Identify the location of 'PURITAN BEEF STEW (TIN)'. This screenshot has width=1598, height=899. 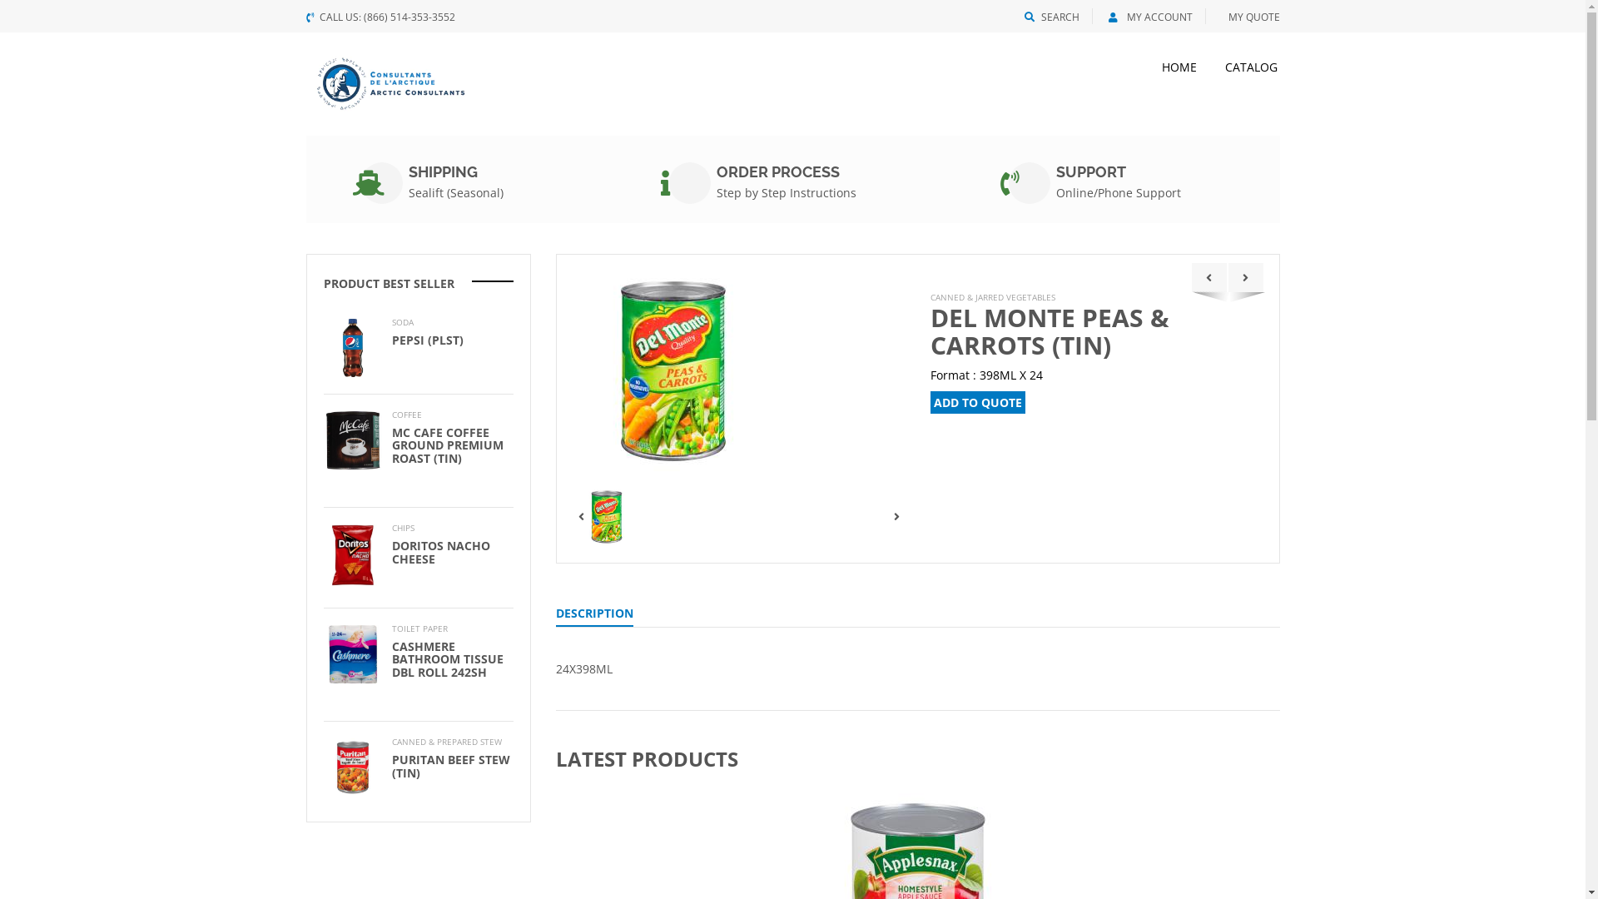
(450, 766).